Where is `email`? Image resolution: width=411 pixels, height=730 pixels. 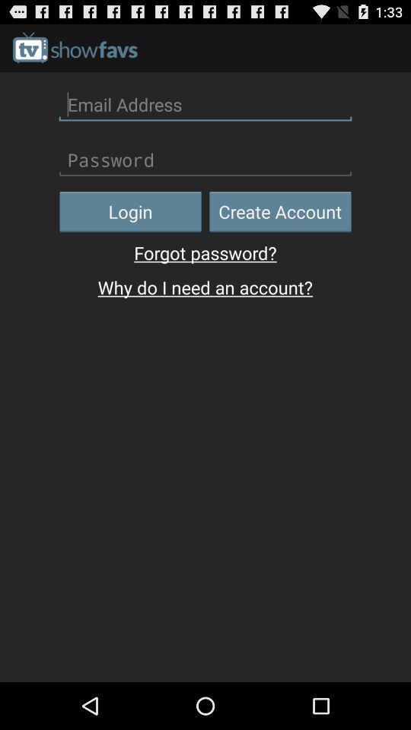
email is located at coordinates (205, 103).